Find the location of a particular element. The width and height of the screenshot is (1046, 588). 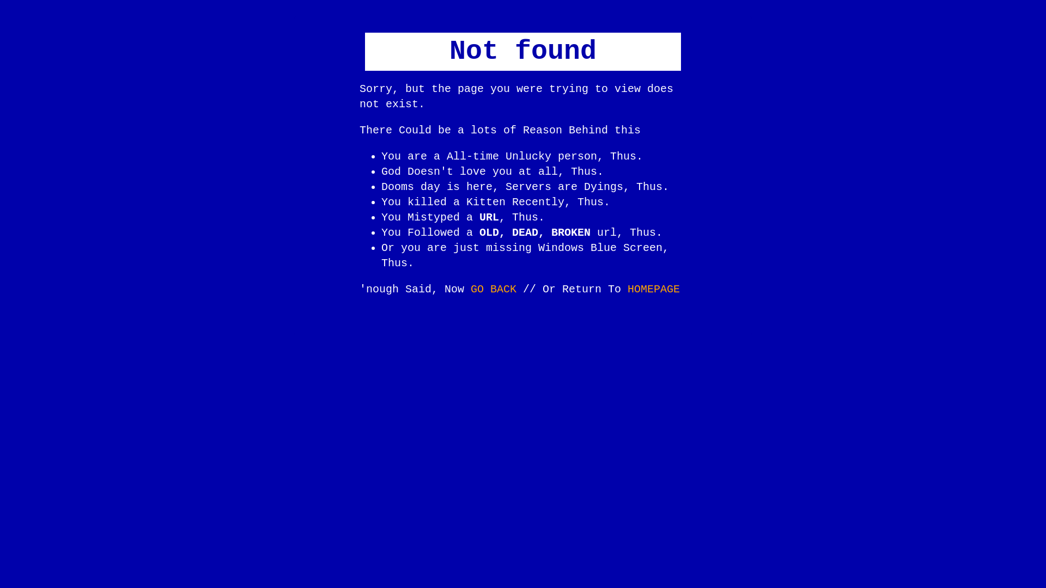

'GO BACK' is located at coordinates (493, 289).